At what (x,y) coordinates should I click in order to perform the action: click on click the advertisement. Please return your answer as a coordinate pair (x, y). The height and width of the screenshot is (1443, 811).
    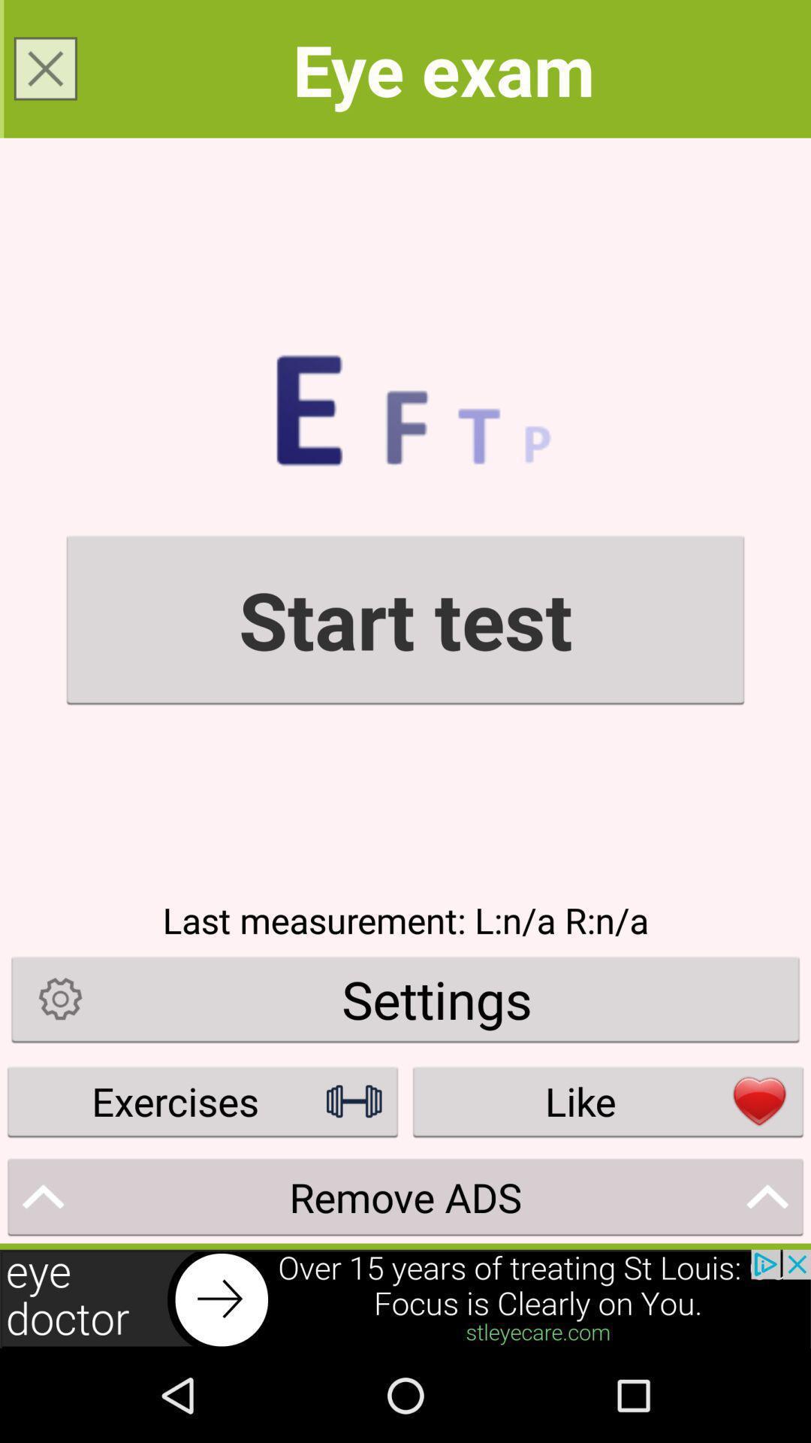
    Looking at the image, I should click on (405, 1298).